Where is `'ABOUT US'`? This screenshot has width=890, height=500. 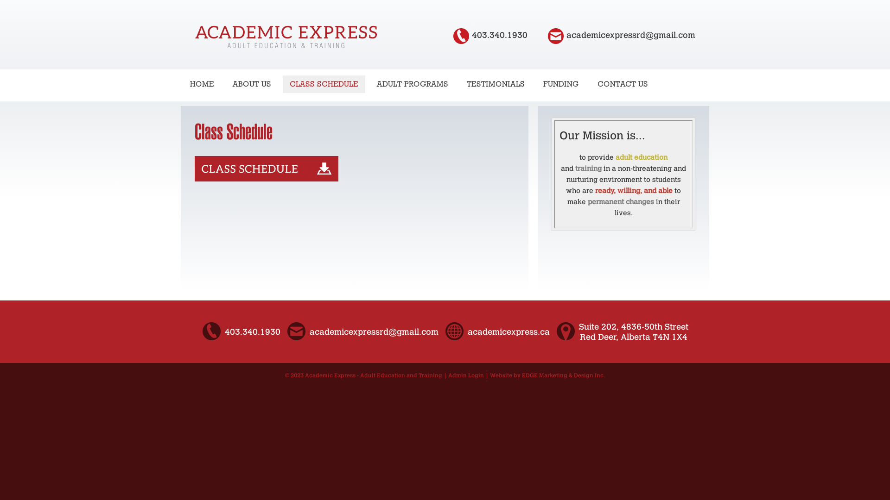 'ABOUT US' is located at coordinates (252, 84).